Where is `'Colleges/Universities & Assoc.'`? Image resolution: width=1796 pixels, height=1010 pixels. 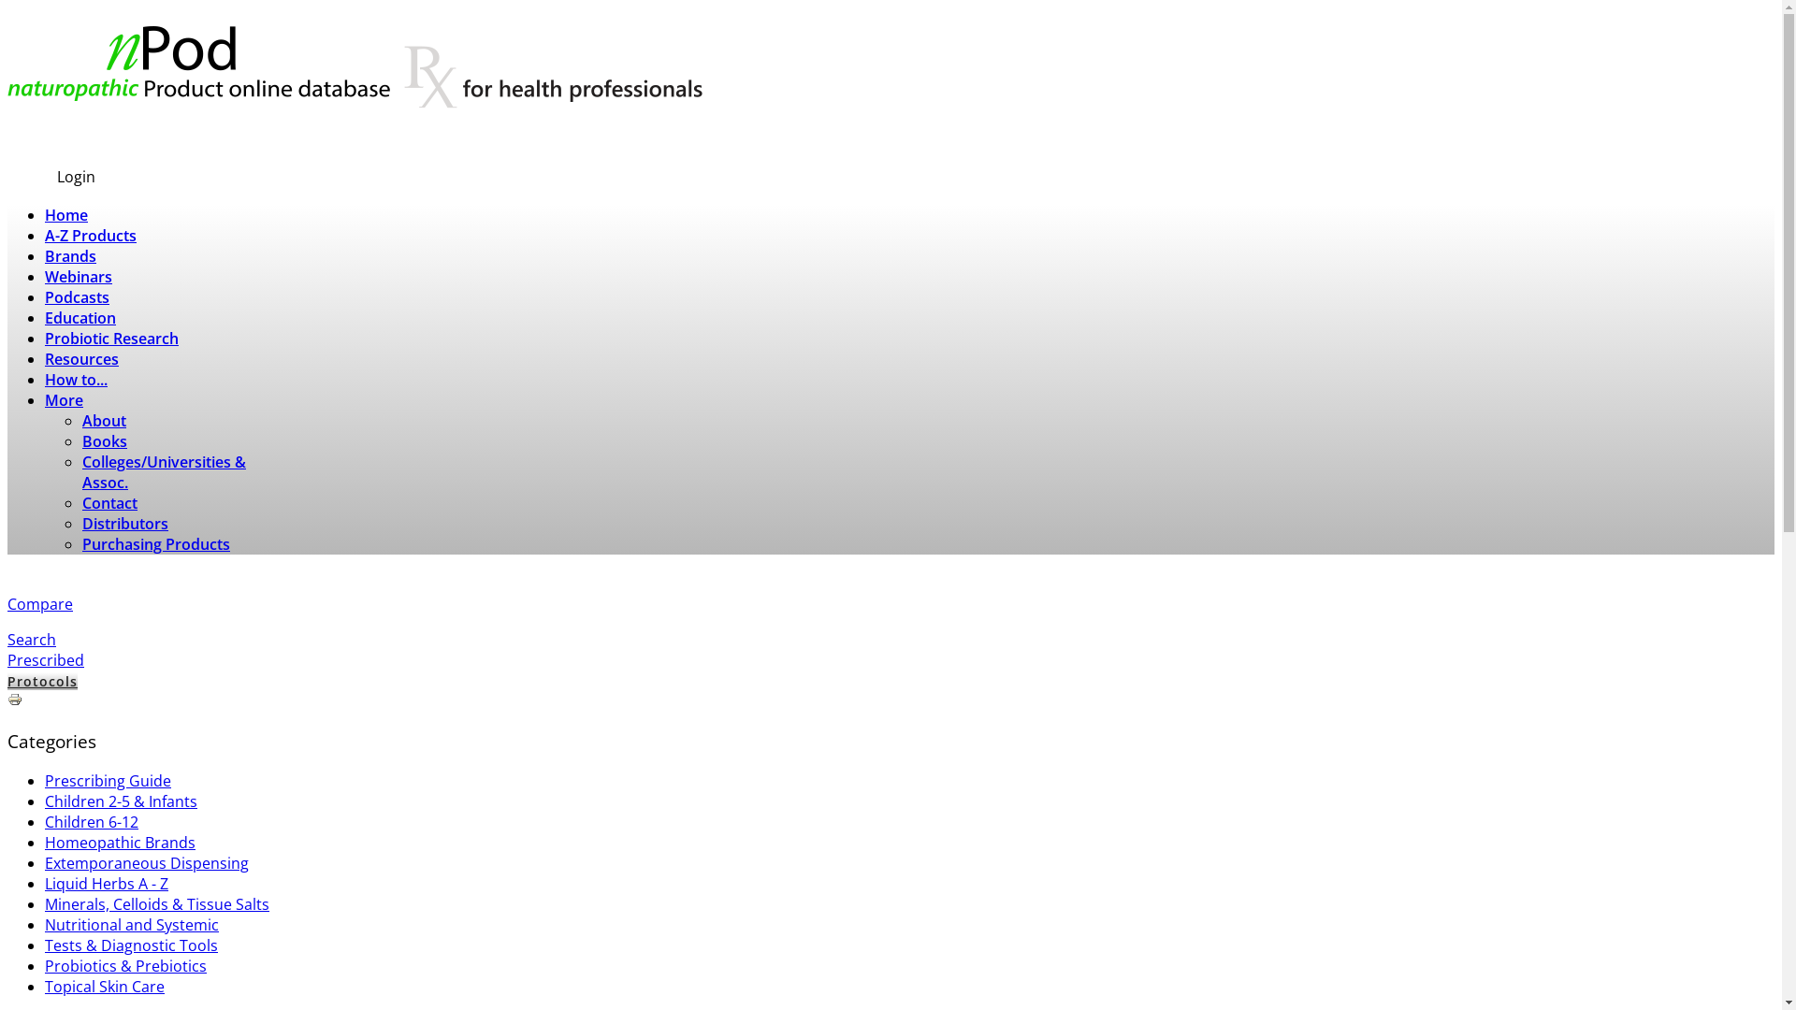
'Colleges/Universities & Assoc.' is located at coordinates (164, 471).